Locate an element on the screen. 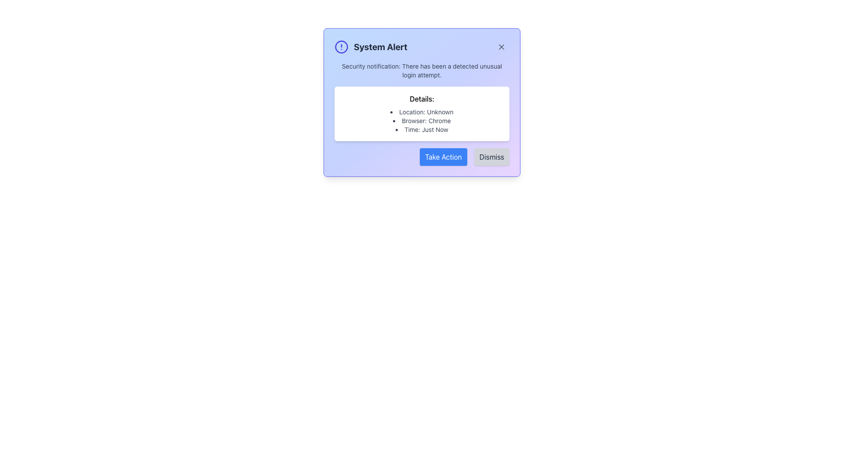 This screenshot has width=844, height=475. the Text Label element that serves as the title for the modal, located at the top section and adjacent to an icon is located at coordinates (380, 47).